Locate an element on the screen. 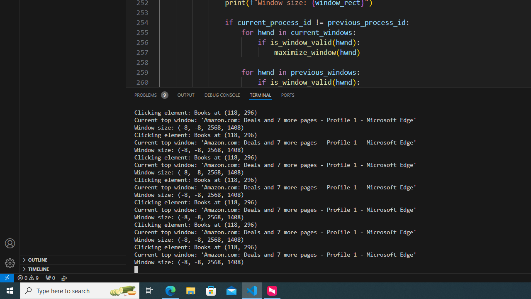 The image size is (531, 299). 'No Ports Forwarded' is located at coordinates (49, 277).